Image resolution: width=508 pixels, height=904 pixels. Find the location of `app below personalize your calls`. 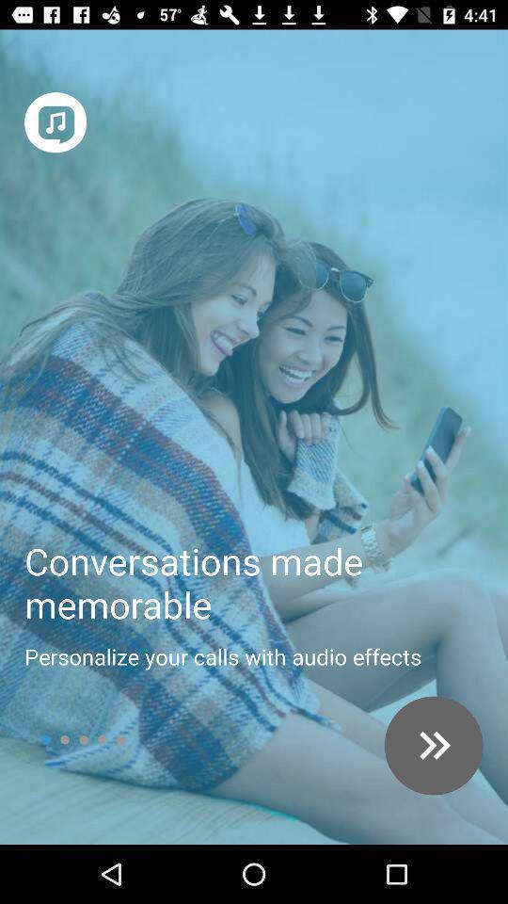

app below personalize your calls is located at coordinates (434, 746).